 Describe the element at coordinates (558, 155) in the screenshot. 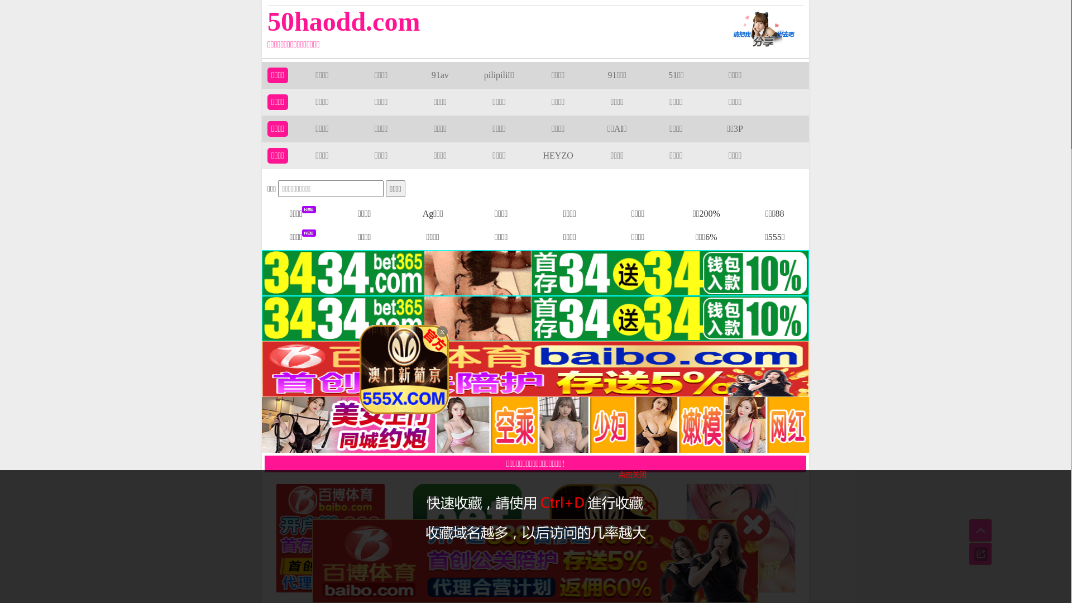

I see `'HEYZO'` at that location.